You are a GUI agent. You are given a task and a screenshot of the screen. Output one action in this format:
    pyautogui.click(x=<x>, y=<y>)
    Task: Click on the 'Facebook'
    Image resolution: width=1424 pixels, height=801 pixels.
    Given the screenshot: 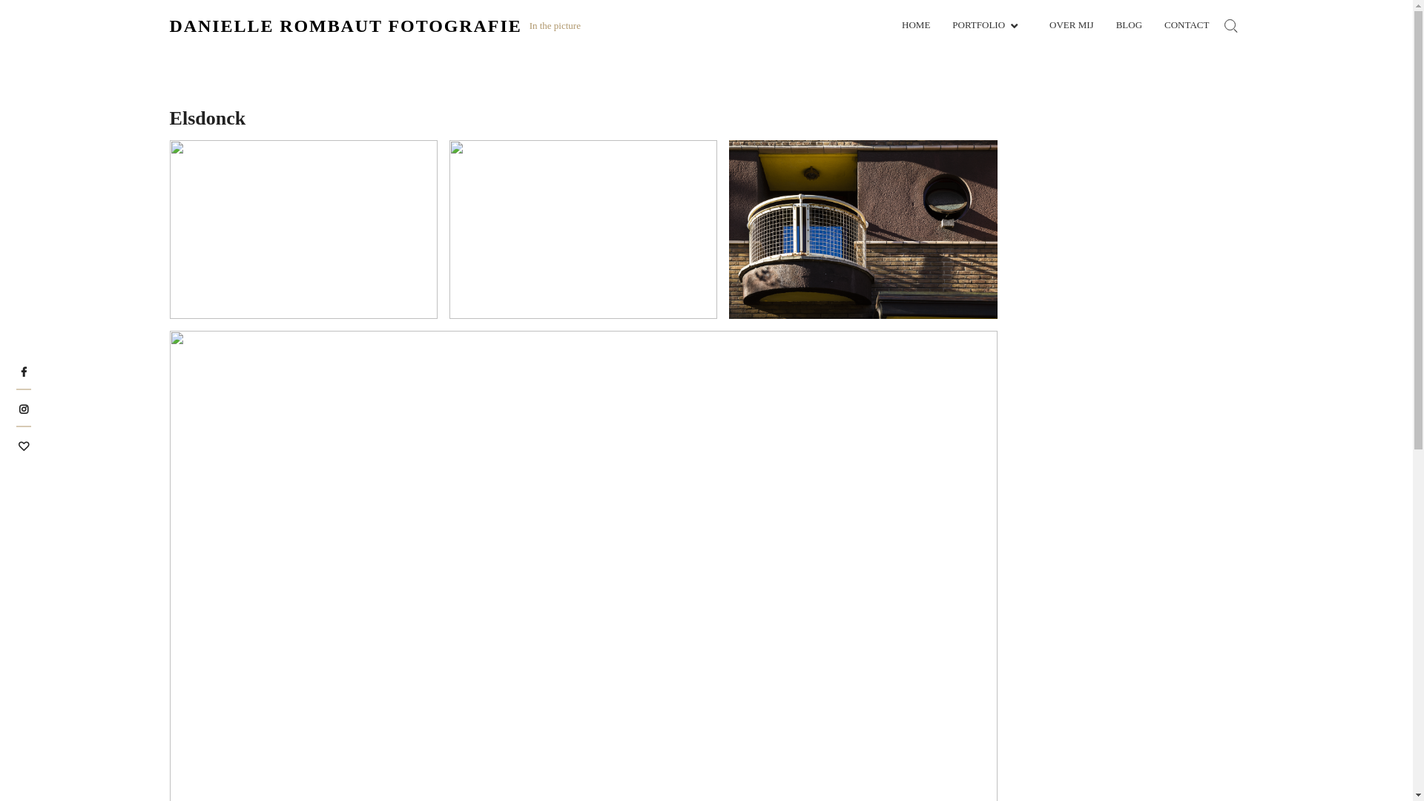 What is the action you would take?
    pyautogui.click(x=24, y=370)
    